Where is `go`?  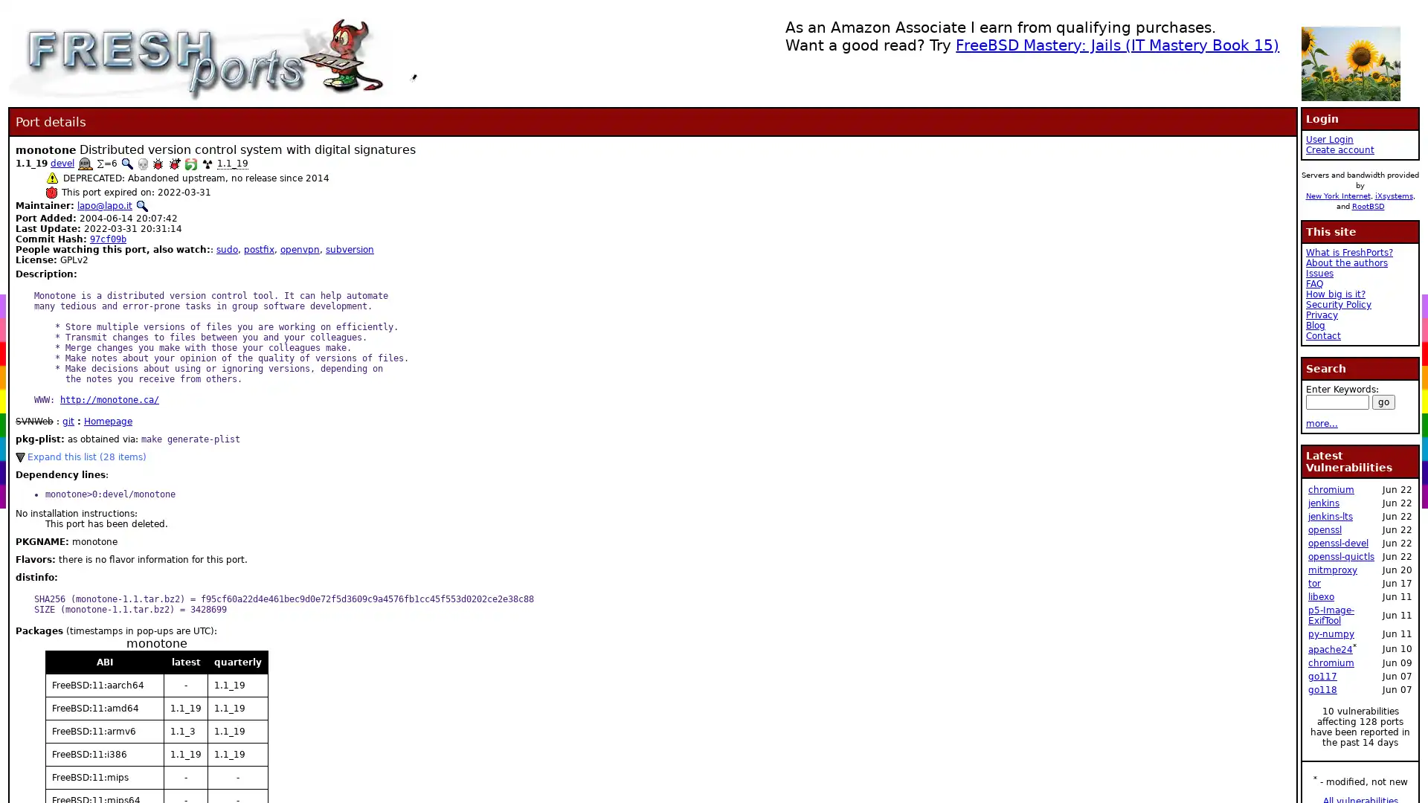 go is located at coordinates (1383, 401).